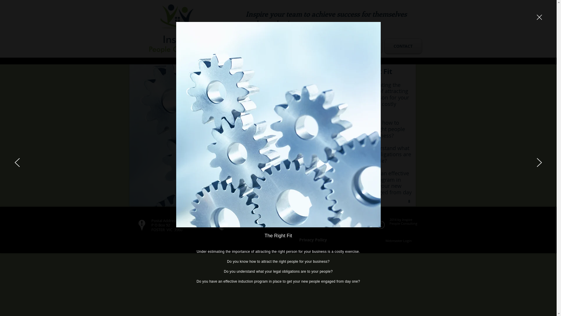 This screenshot has width=561, height=316. Describe the element at coordinates (178, 28) in the screenshot. I see `'GIFlogoColorSmall.gif'` at that location.